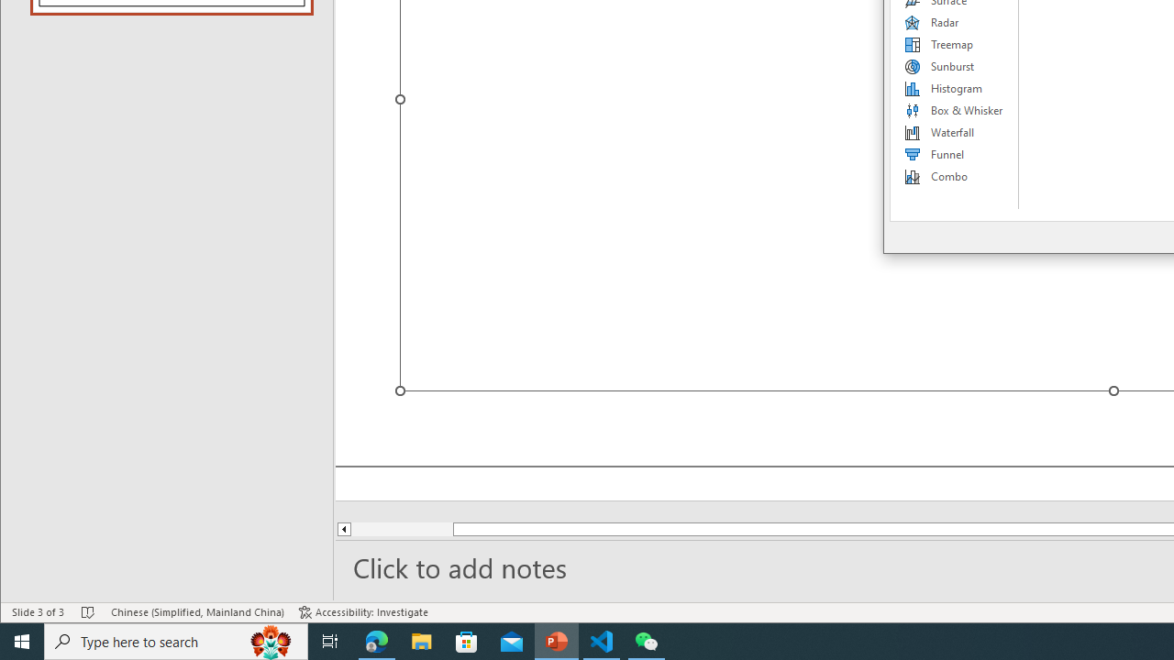  What do you see at coordinates (954, 66) in the screenshot?
I see `'Sunburst'` at bounding box center [954, 66].